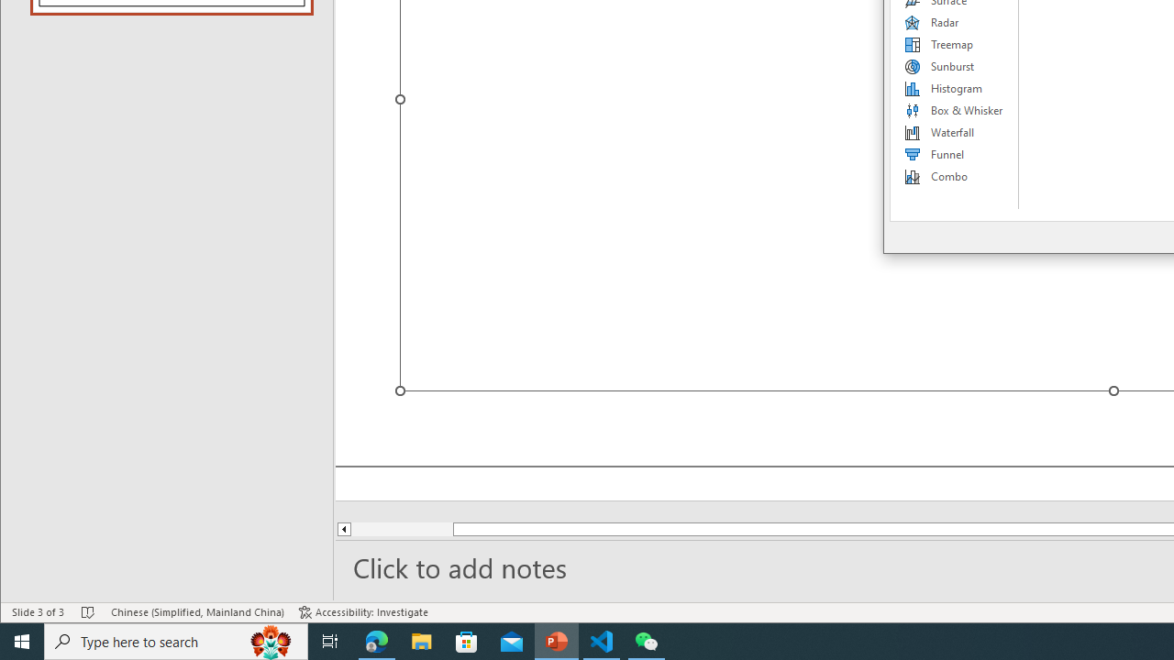  What do you see at coordinates (954, 66) in the screenshot?
I see `'Sunburst'` at bounding box center [954, 66].